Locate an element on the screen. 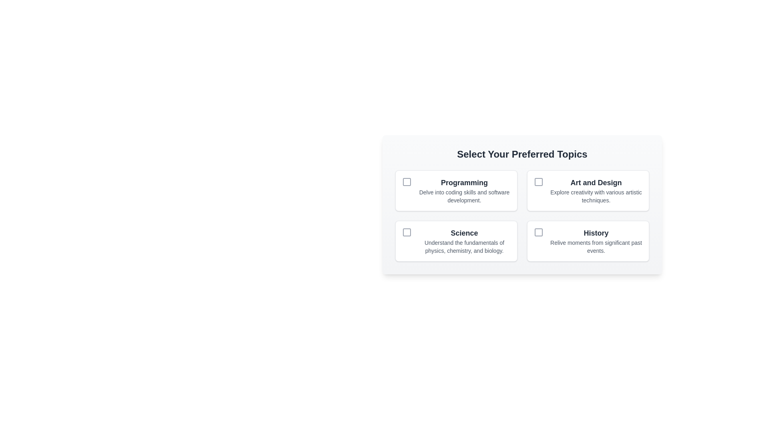 This screenshot has width=769, height=432. the empty gray checkbox located beside the text 'History' to emphasize or highlight it is located at coordinates (538, 232).